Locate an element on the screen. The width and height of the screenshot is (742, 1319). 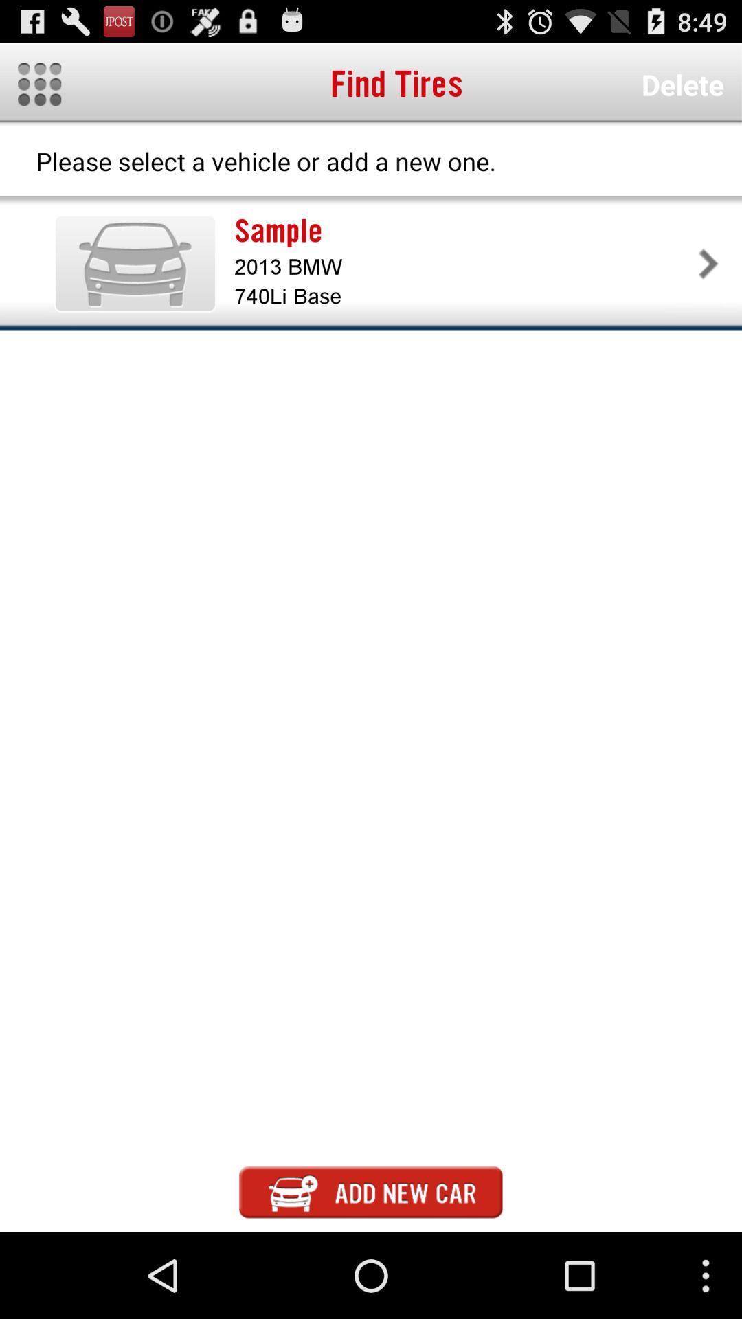
item next to the sample icon is located at coordinates (135, 263).